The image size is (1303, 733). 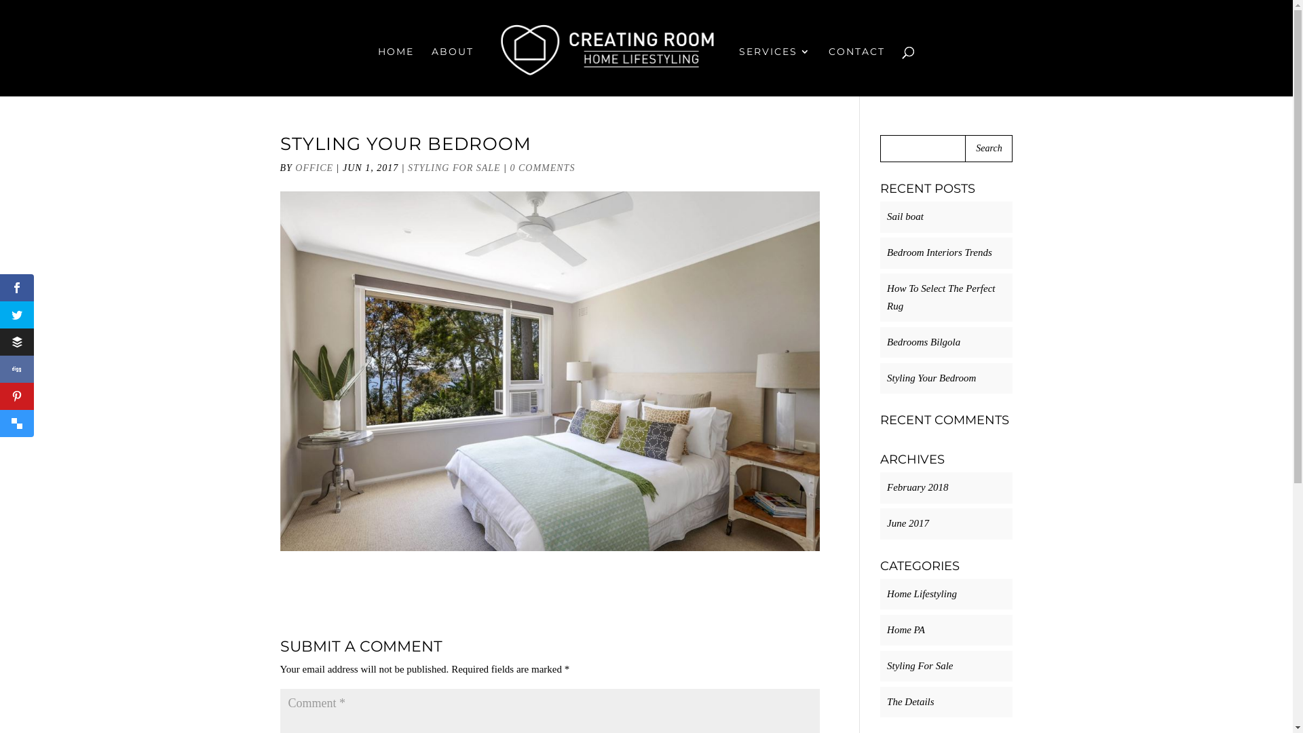 I want to click on 'February 2018', so click(x=918, y=486).